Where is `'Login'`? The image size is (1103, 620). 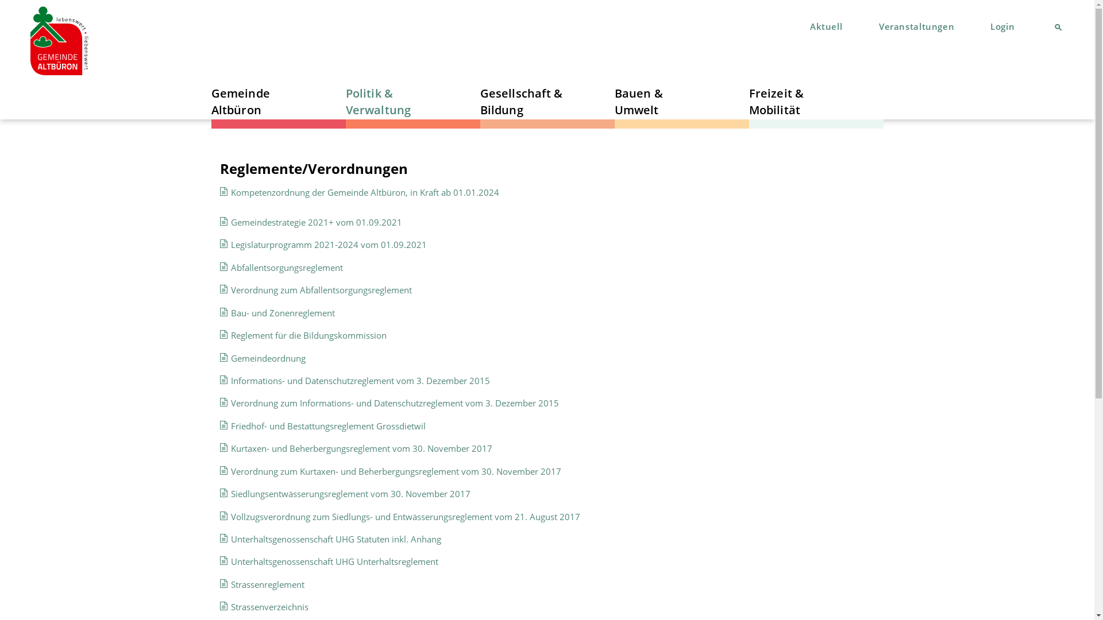 'Login' is located at coordinates (1002, 26).